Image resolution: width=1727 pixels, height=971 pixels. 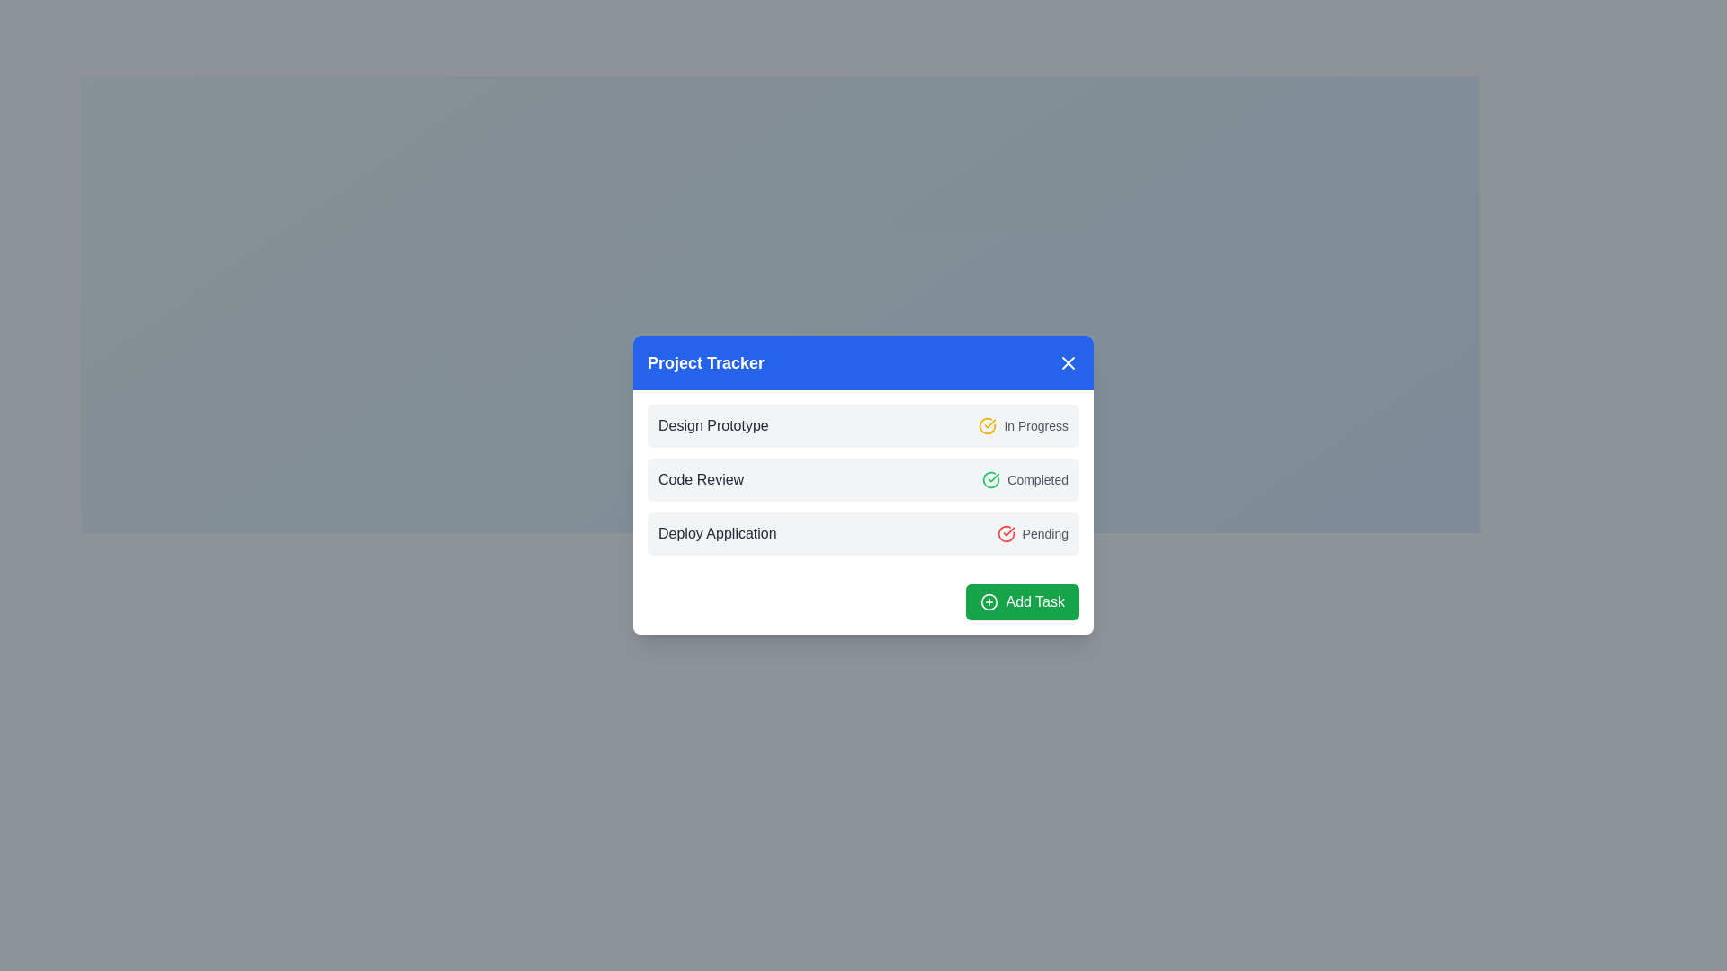 What do you see at coordinates (1025, 478) in the screenshot?
I see `the completed status indicator text label in the top-right corner of the 'Code Review' list item in the 'Project Tracker' application` at bounding box center [1025, 478].